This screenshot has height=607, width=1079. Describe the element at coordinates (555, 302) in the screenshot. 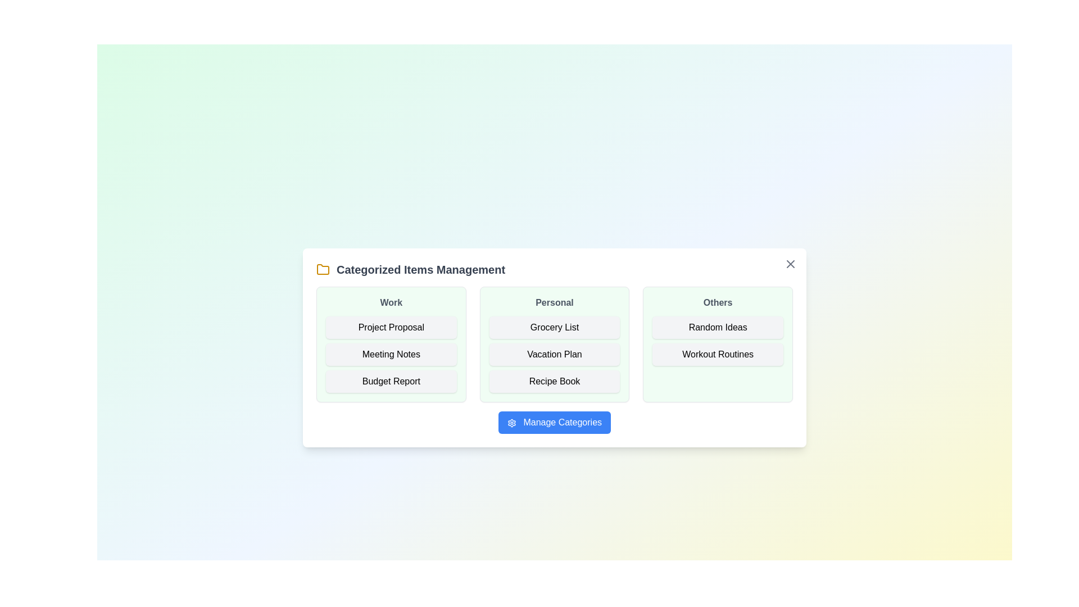

I see `the category header Personal to select it` at that location.